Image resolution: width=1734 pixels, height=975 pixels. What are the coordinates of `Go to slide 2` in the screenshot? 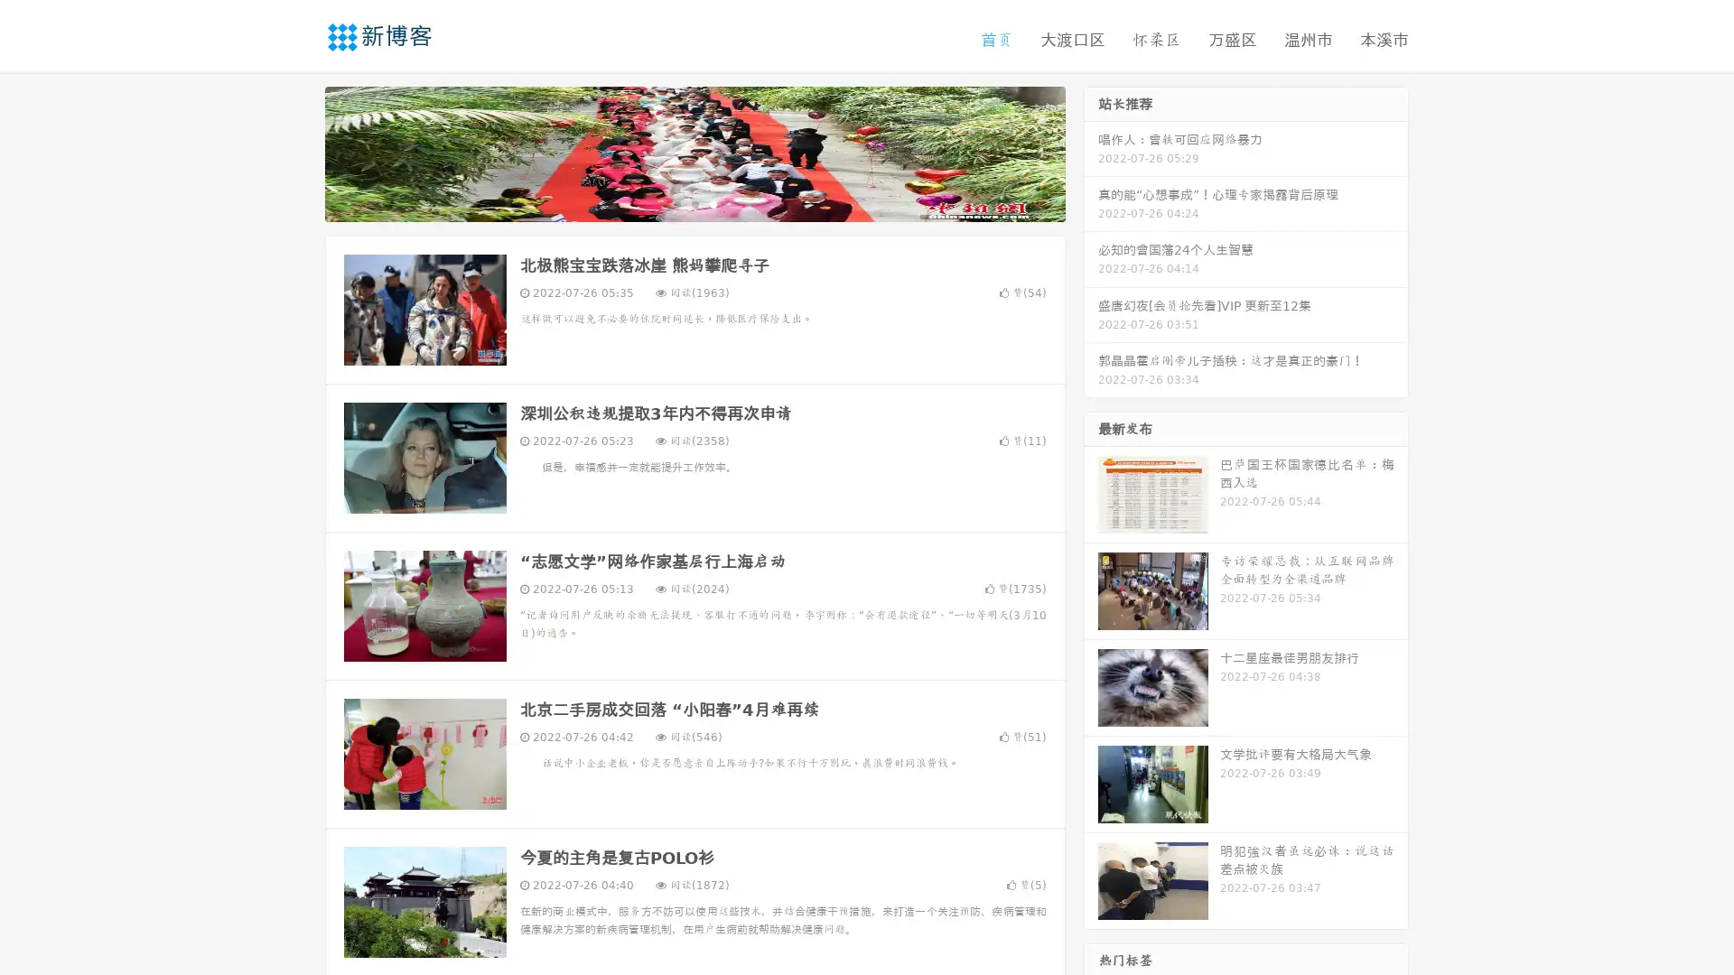 It's located at (694, 203).